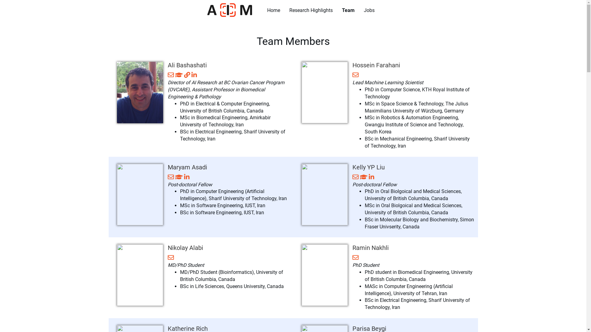 The width and height of the screenshot is (591, 332). Describe the element at coordinates (369, 10) in the screenshot. I see `'Jobs'` at that location.